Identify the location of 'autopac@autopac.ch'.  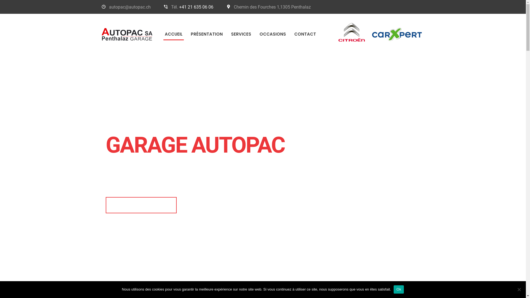
(129, 7).